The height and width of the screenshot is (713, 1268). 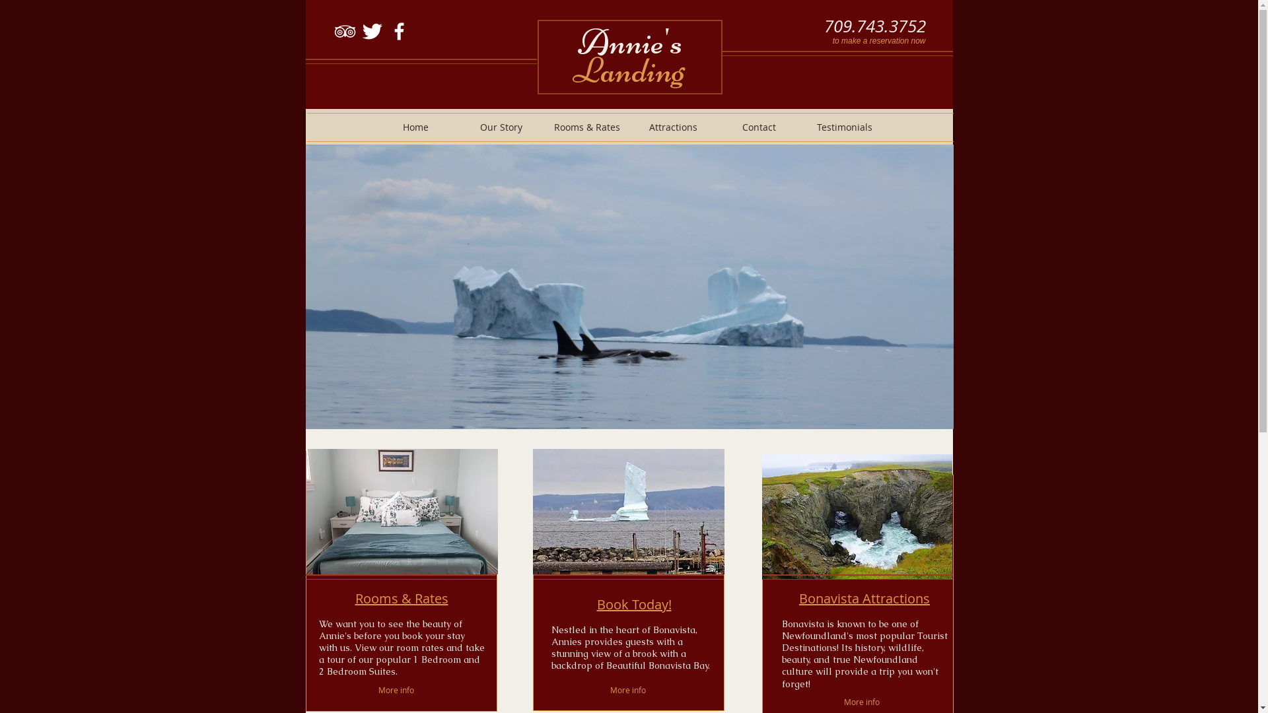 What do you see at coordinates (628, 70) in the screenshot?
I see `'Landing'` at bounding box center [628, 70].